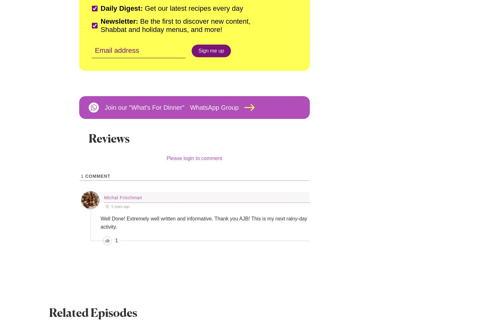  Describe the element at coordinates (108, 138) in the screenshot. I see `'Reviews'` at that location.